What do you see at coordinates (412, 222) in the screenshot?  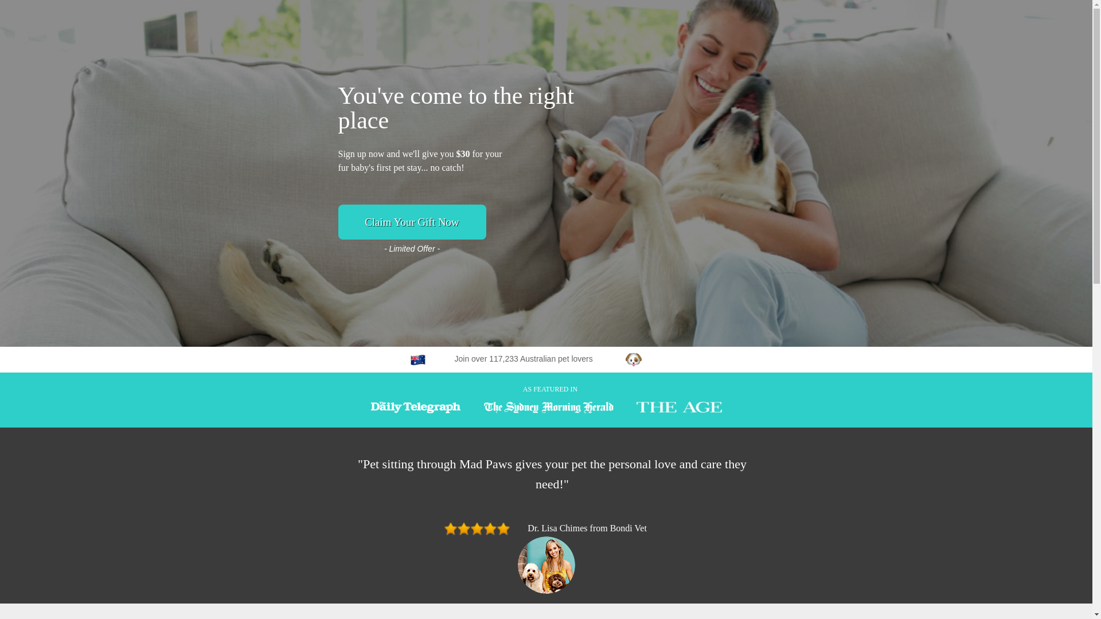 I see `'Claim Your Gift Now'` at bounding box center [412, 222].